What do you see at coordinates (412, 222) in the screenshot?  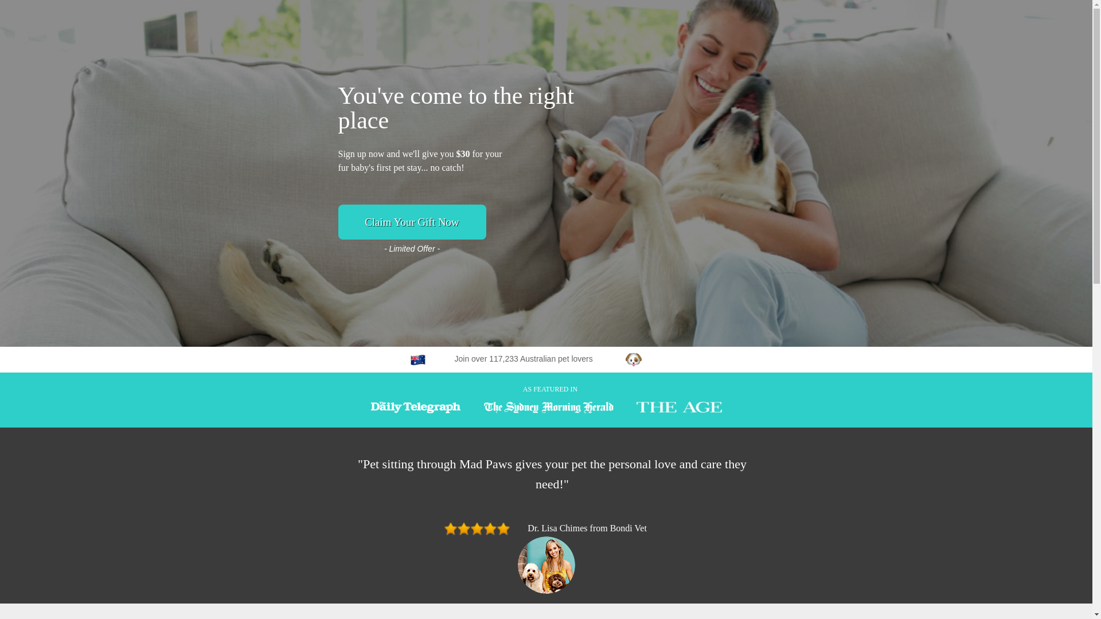 I see `'Claim Your Gift Now'` at bounding box center [412, 222].